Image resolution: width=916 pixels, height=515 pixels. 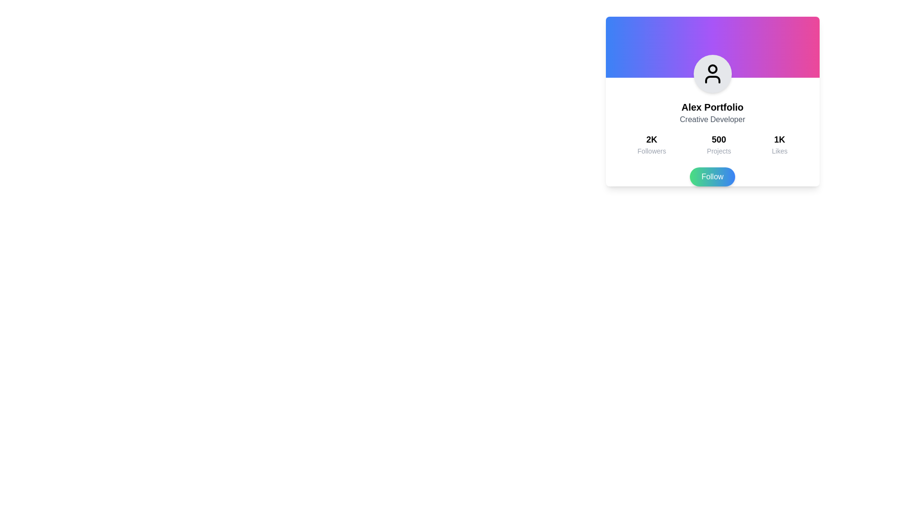 What do you see at coordinates (651, 144) in the screenshot?
I see `the text element displaying '2K' followers, which is the first item in the horizontal group of social engagement metrics` at bounding box center [651, 144].